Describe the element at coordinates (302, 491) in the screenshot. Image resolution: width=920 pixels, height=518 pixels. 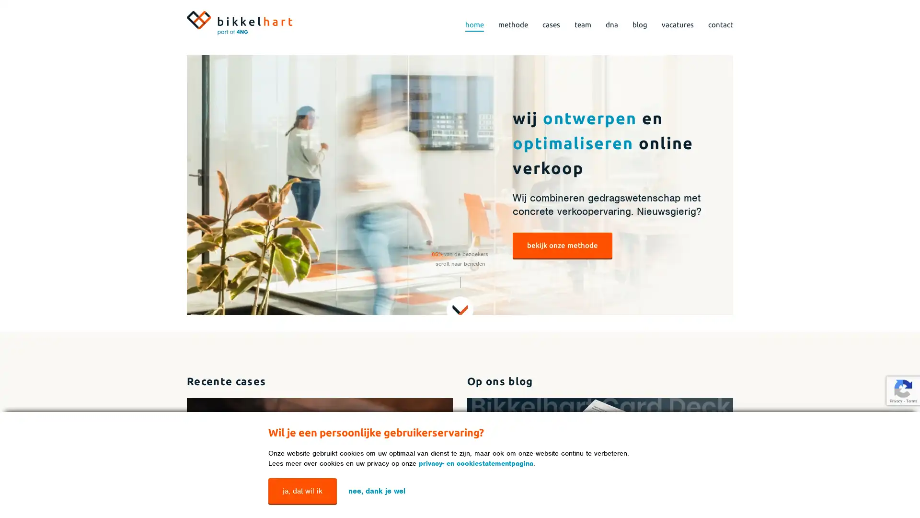
I see `ja, dat wil ik` at that location.